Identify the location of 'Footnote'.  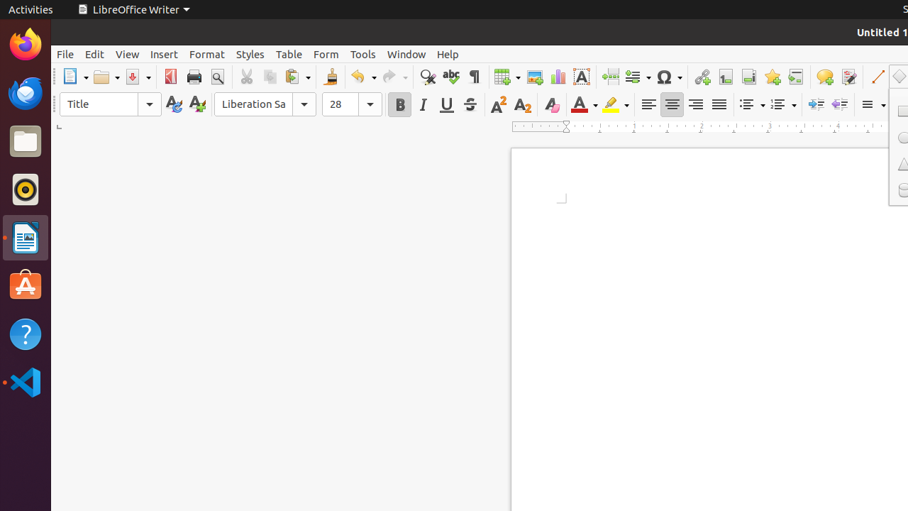
(725, 77).